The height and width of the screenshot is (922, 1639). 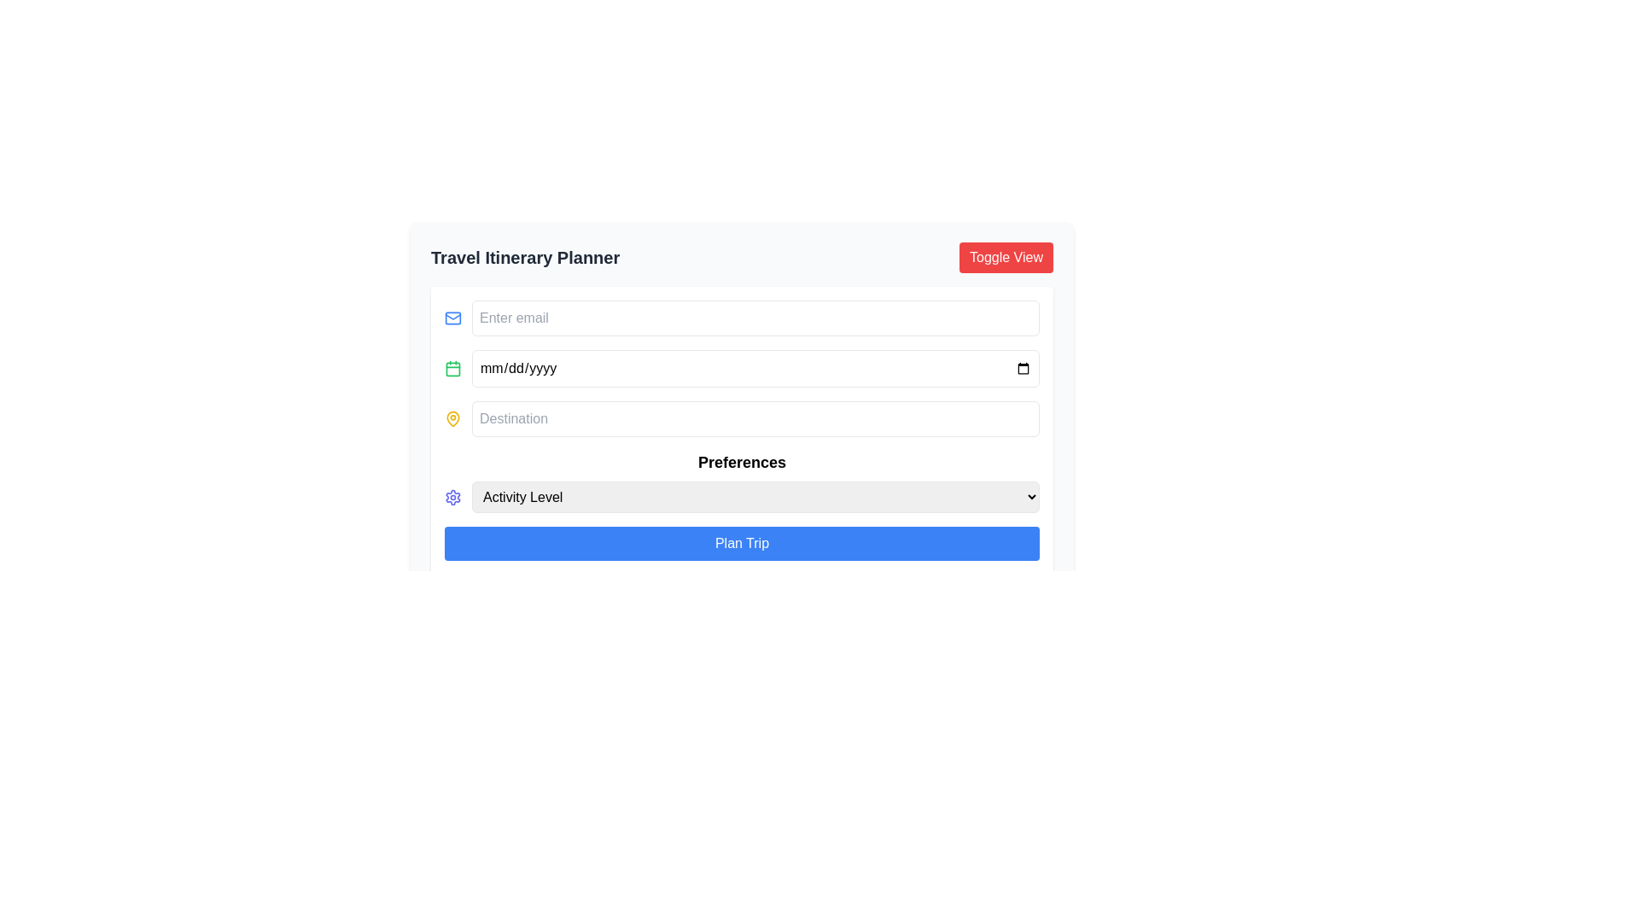 I want to click on the orange and white pin icon, which resembles a typical location marker and is positioned alongside the 'Destination' input field, so click(x=453, y=417).